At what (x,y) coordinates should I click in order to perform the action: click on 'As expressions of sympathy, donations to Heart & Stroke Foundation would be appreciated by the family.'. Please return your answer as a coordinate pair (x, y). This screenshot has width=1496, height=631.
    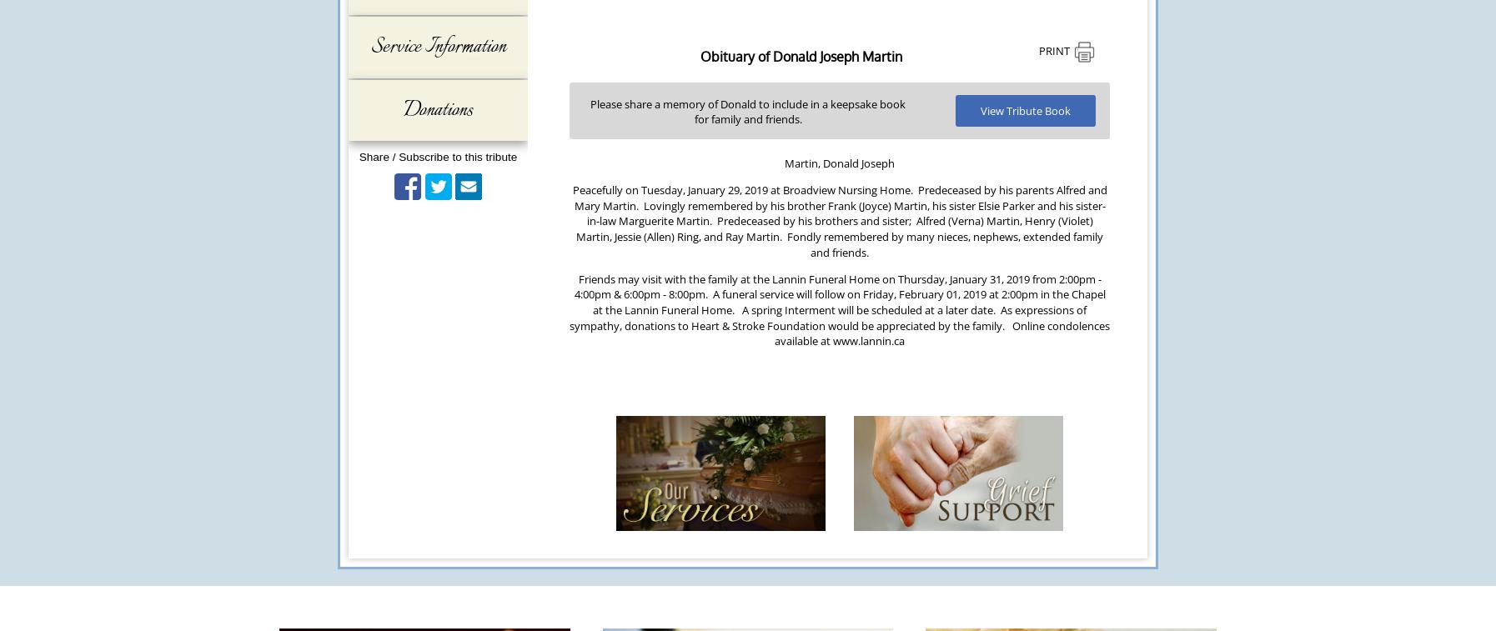
    Looking at the image, I should click on (826, 317).